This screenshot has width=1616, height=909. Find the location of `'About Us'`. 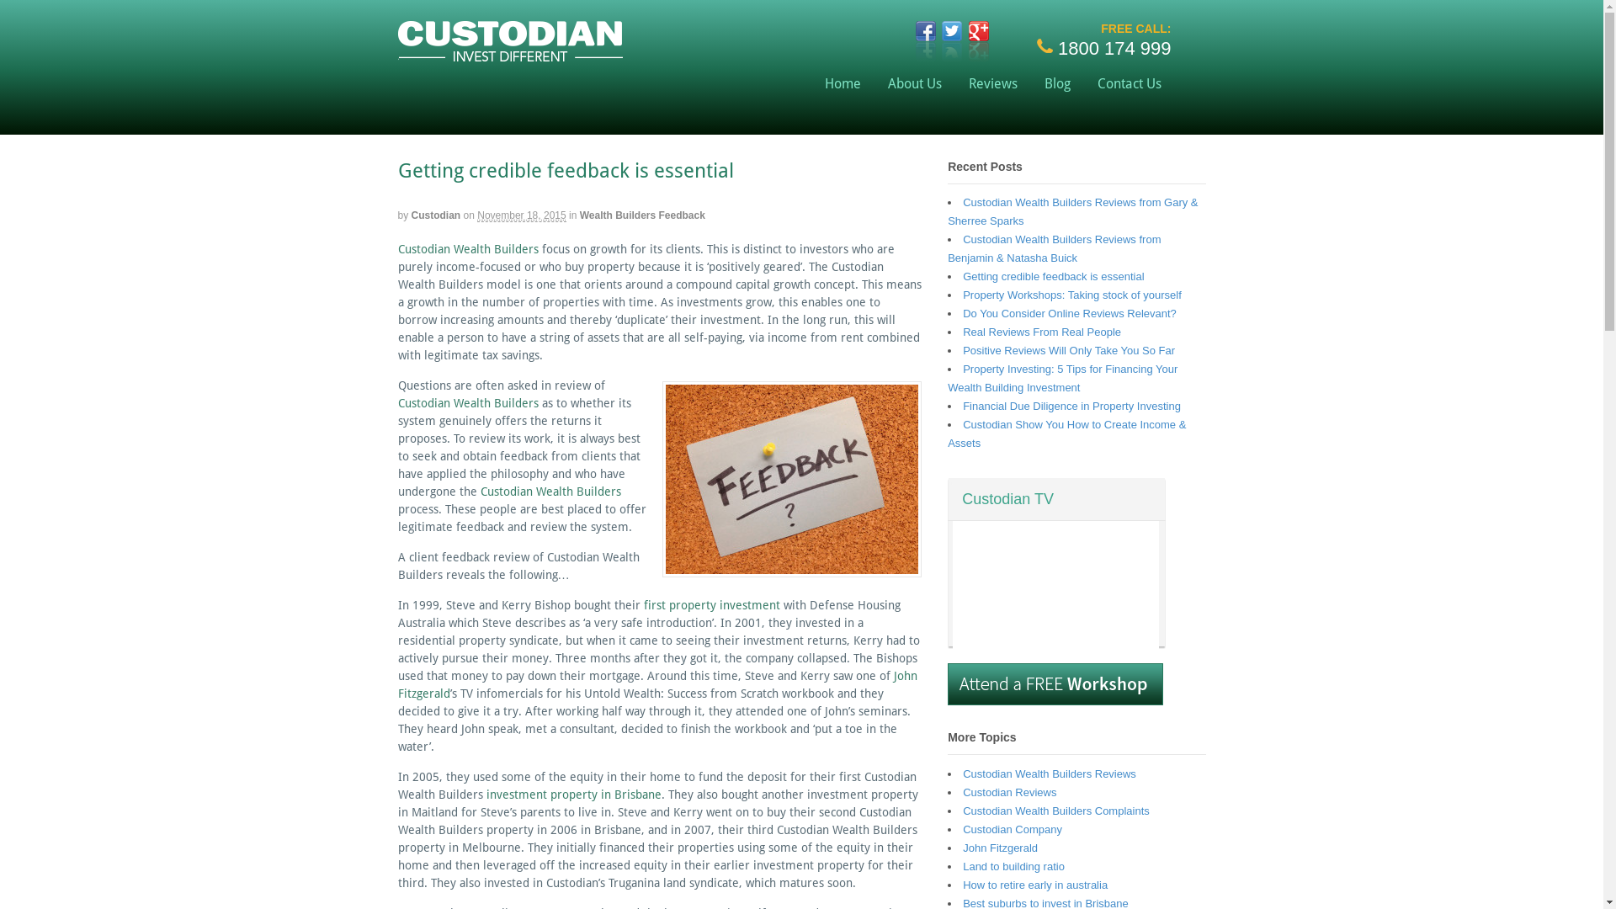

'About Us' is located at coordinates (913, 83).